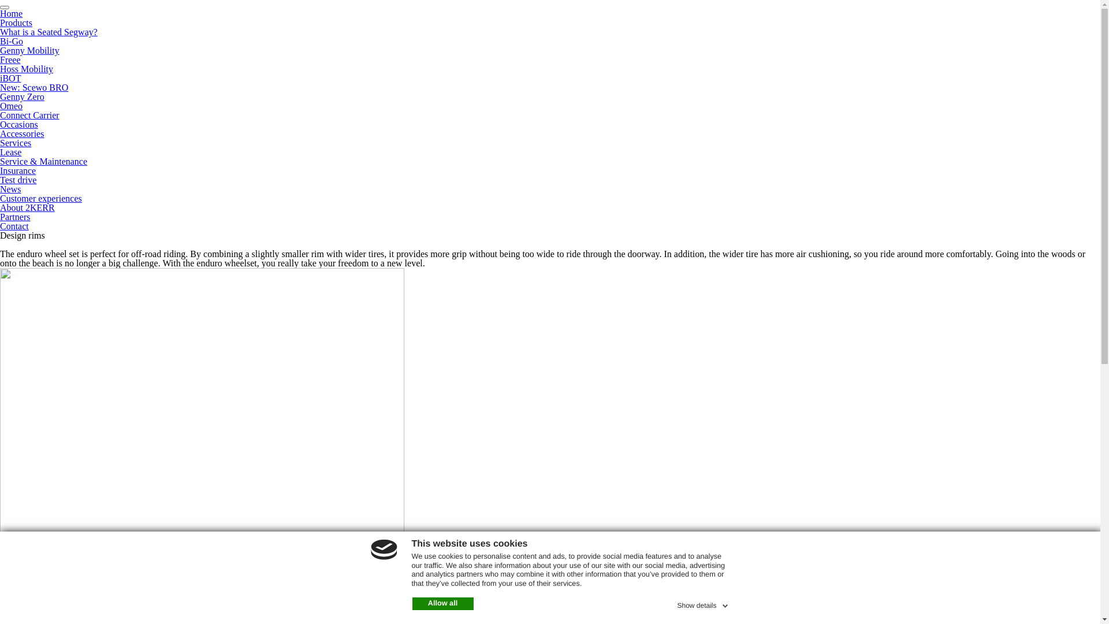 The height and width of the screenshot is (624, 1109). Describe the element at coordinates (0, 31) in the screenshot. I see `'What is a Seated Segway?'` at that location.